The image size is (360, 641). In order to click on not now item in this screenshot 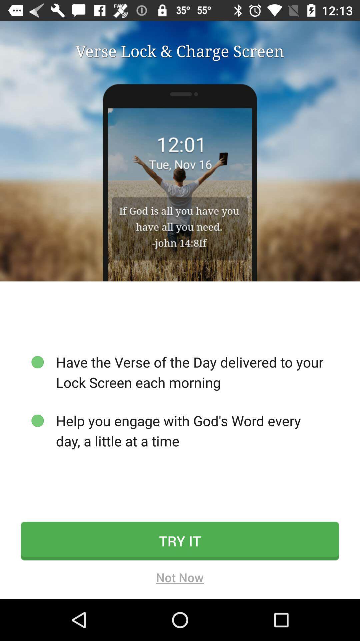, I will do `click(179, 579)`.